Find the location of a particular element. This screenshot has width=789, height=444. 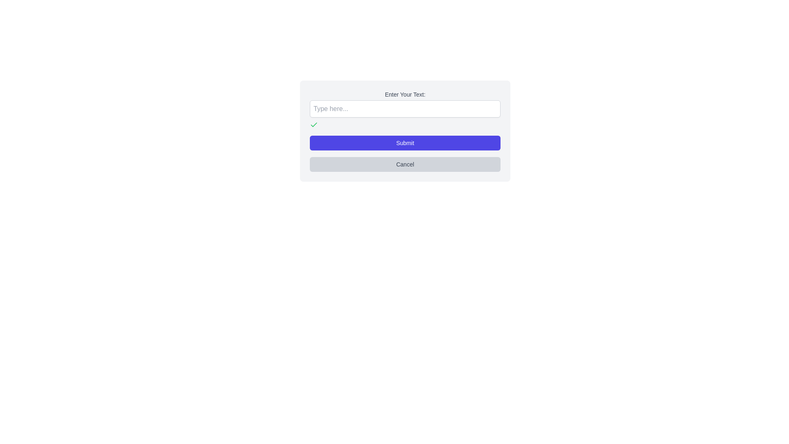

the 'Cancel' button located at the bottom of the vertically stacked group of buttons is located at coordinates (405, 164).